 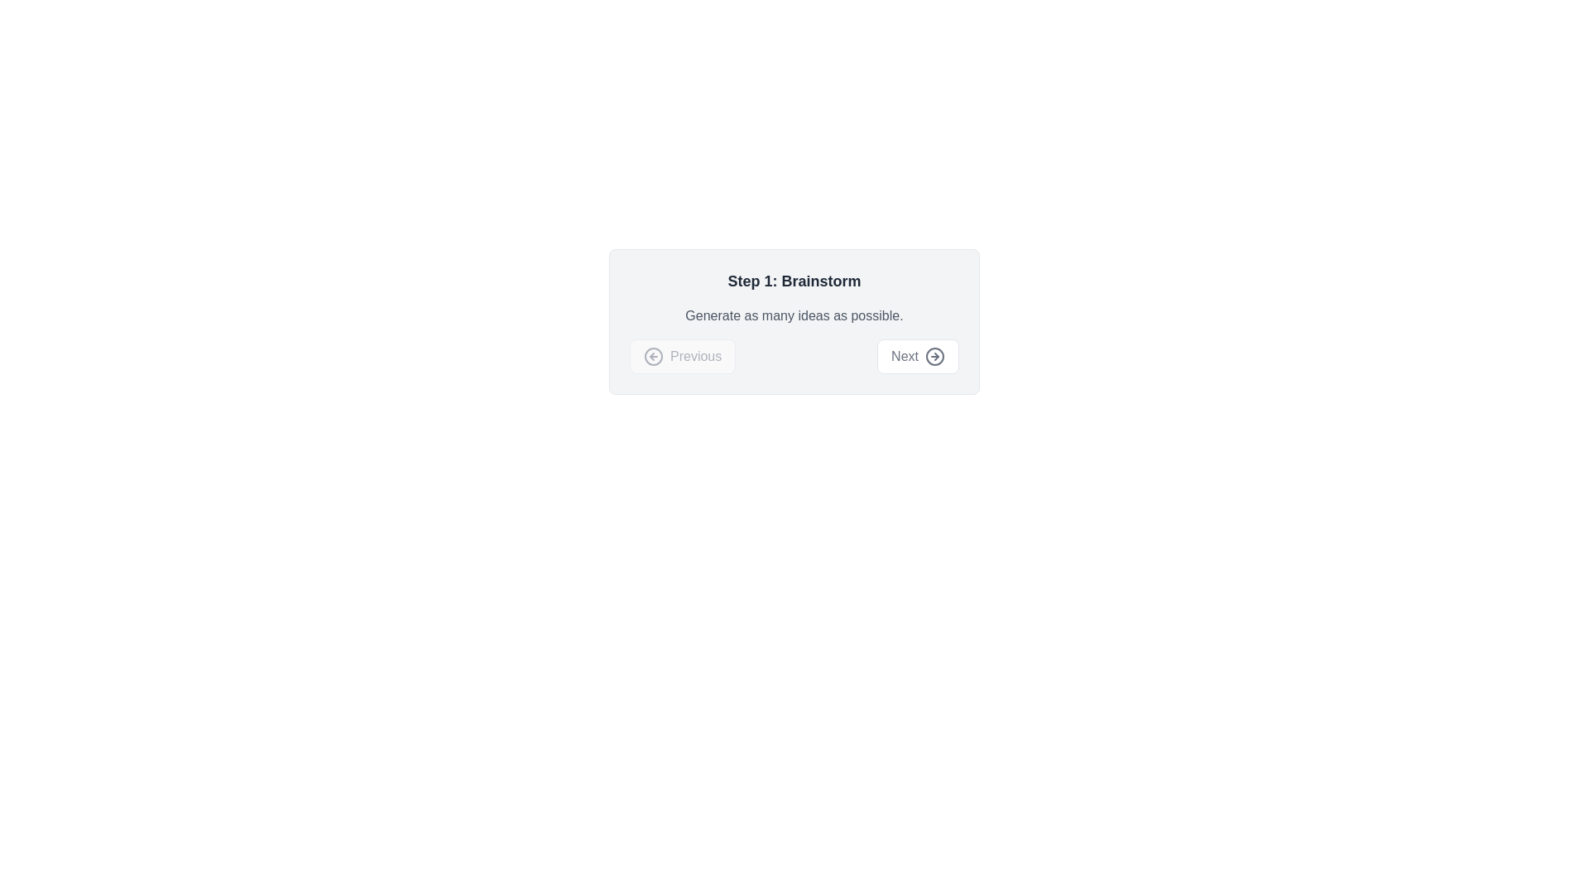 What do you see at coordinates (917, 356) in the screenshot?
I see `the 'Next' button with a rounded border, white background, and gray text label located in the bottom-right section of a card layout` at bounding box center [917, 356].